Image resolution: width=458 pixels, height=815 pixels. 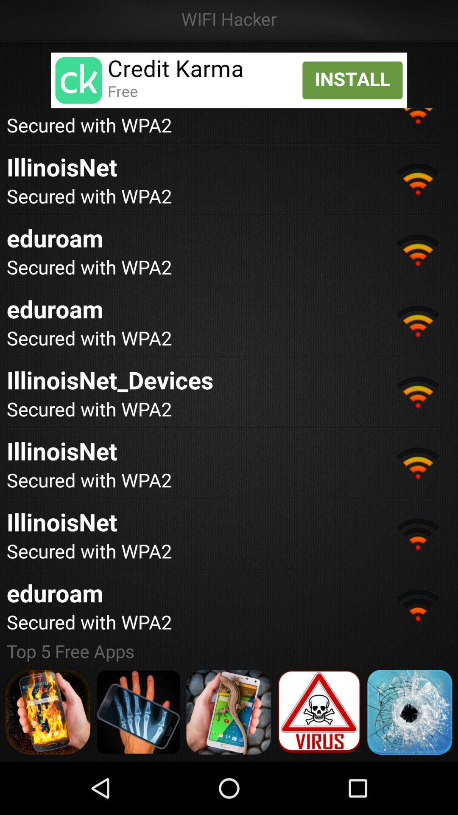 What do you see at coordinates (138, 712) in the screenshot?
I see `game page` at bounding box center [138, 712].